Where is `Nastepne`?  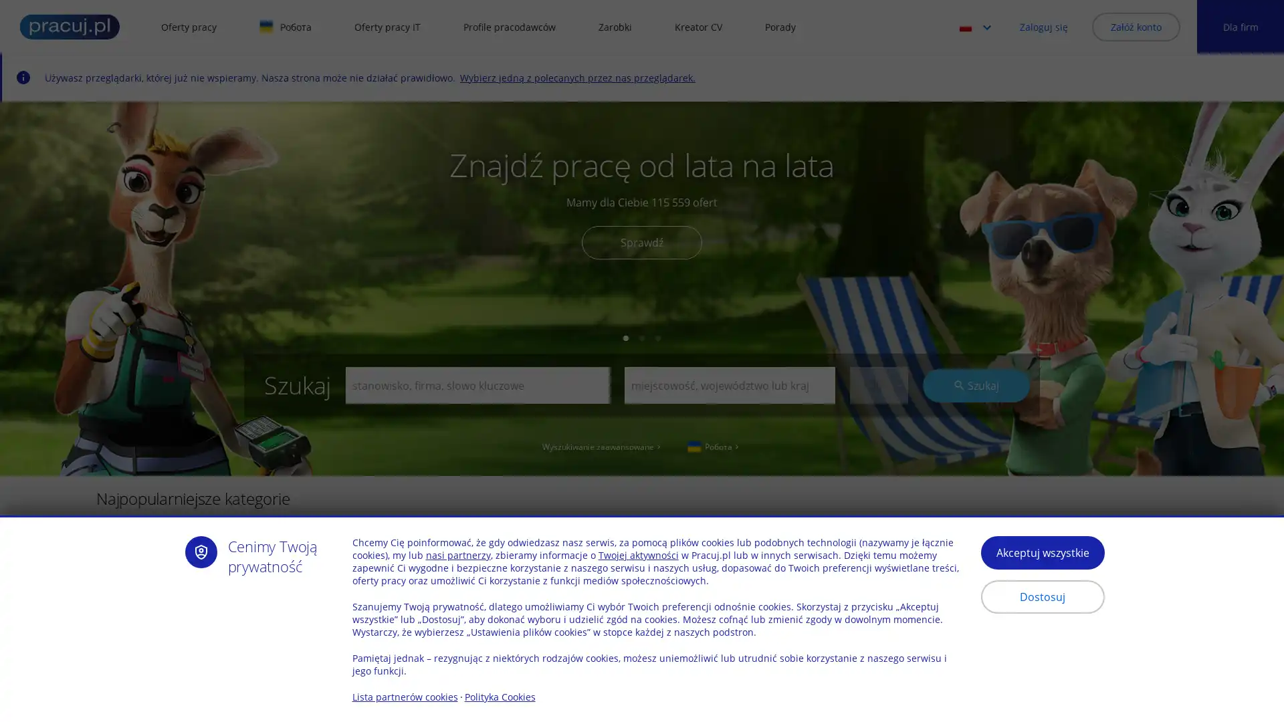
Nastepne is located at coordinates (1228, 552).